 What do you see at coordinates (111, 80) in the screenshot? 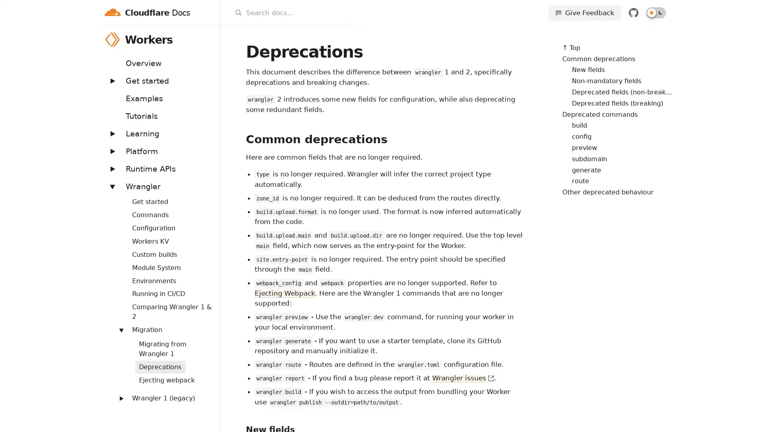
I see `Expand: Get started` at bounding box center [111, 80].